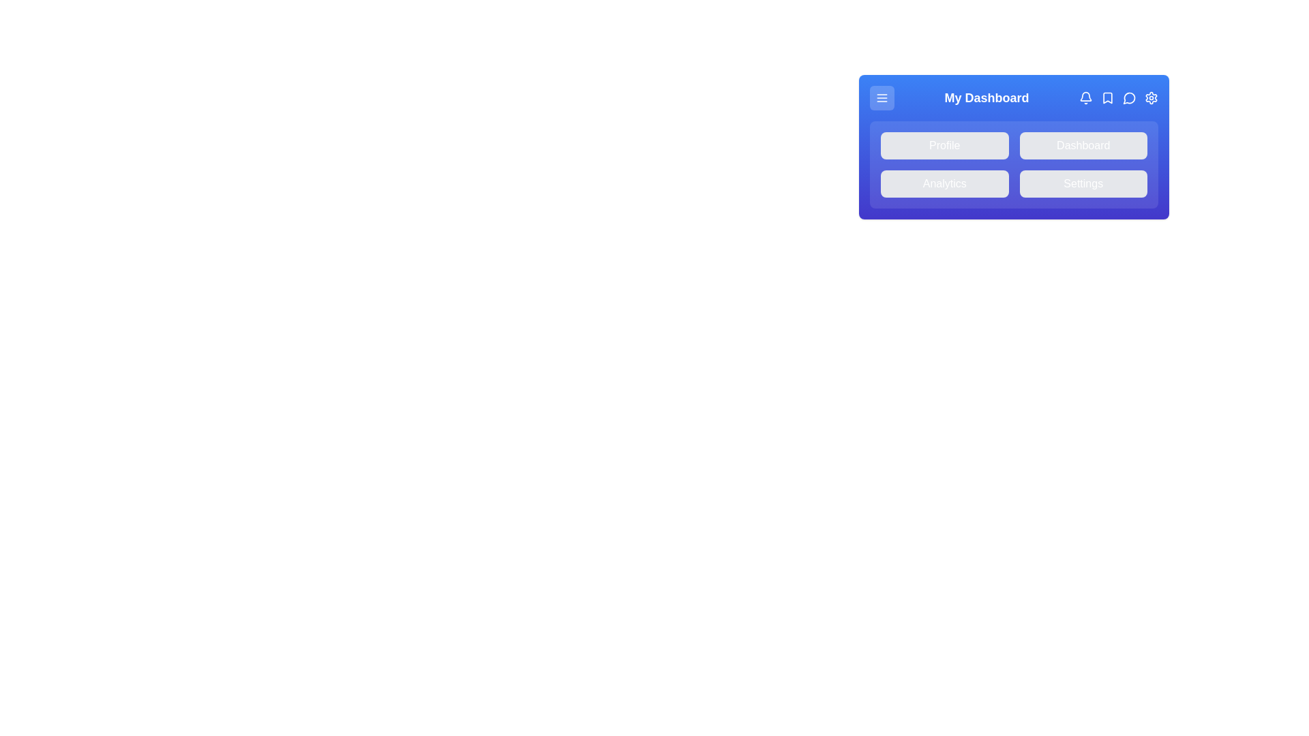 The image size is (1309, 736). Describe the element at coordinates (1085, 97) in the screenshot. I see `the notification icon (Bell) in the app bar` at that location.